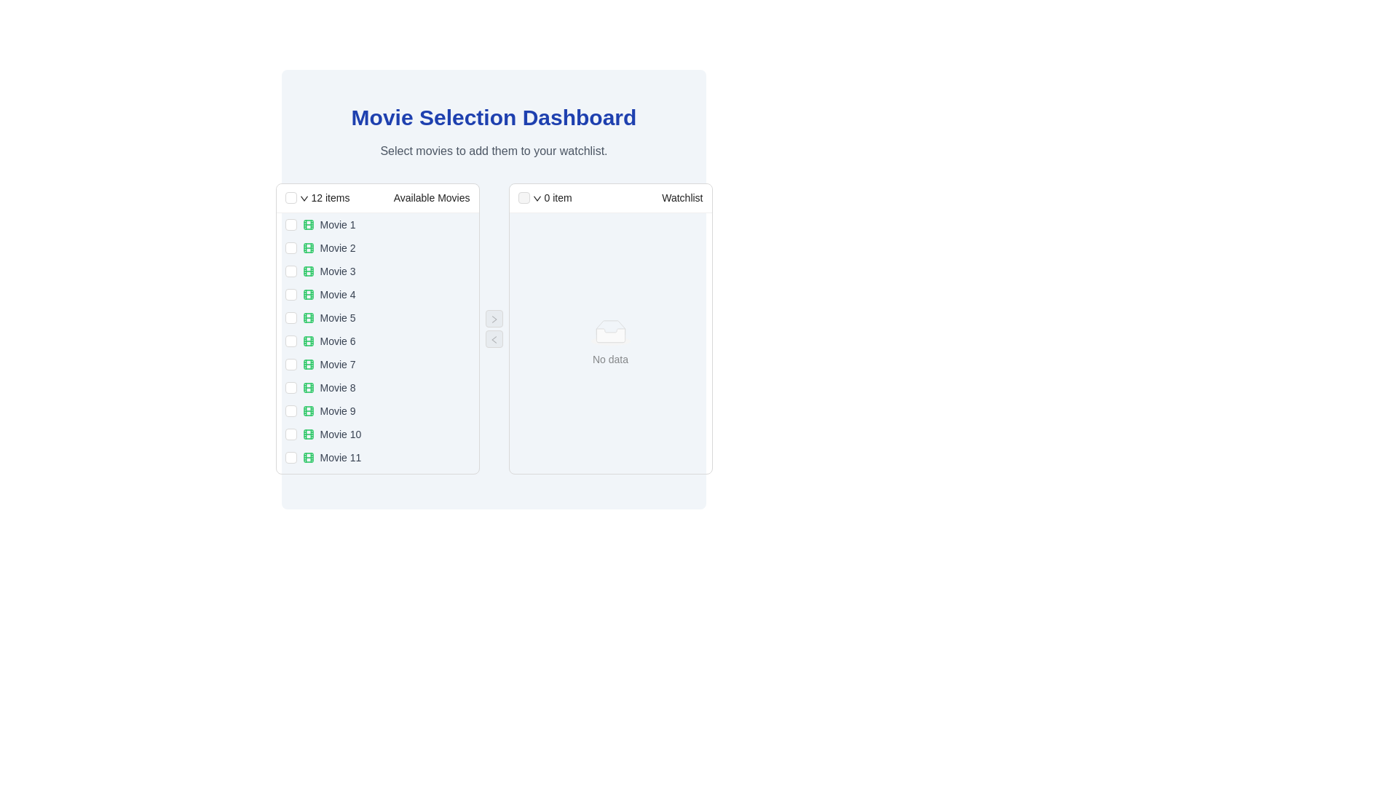 This screenshot has width=1398, height=786. Describe the element at coordinates (386, 386) in the screenshot. I see `the checkbox adjacent to the list item displaying 'Movie 8' in the 'Available Movies' section` at that location.